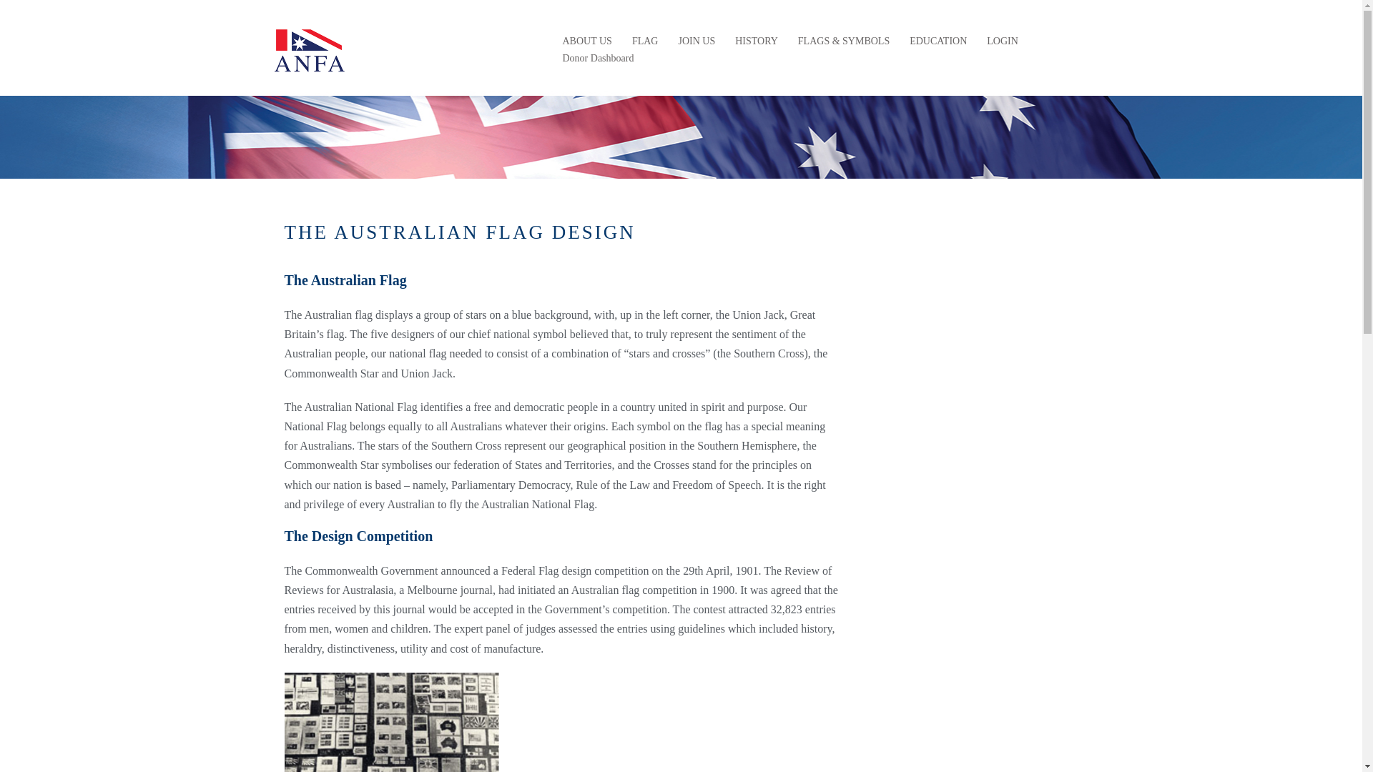 The height and width of the screenshot is (772, 1373). I want to click on 'Donor Dashboard', so click(561, 57).